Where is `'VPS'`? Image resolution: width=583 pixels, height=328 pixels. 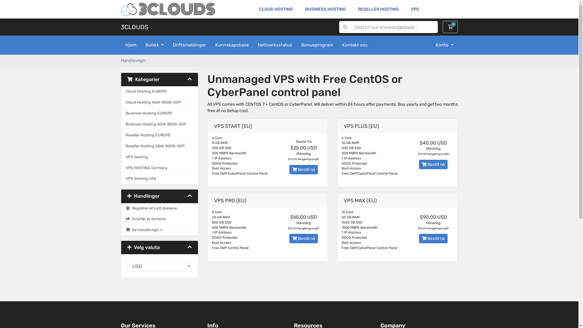 'VPS' is located at coordinates (414, 9).